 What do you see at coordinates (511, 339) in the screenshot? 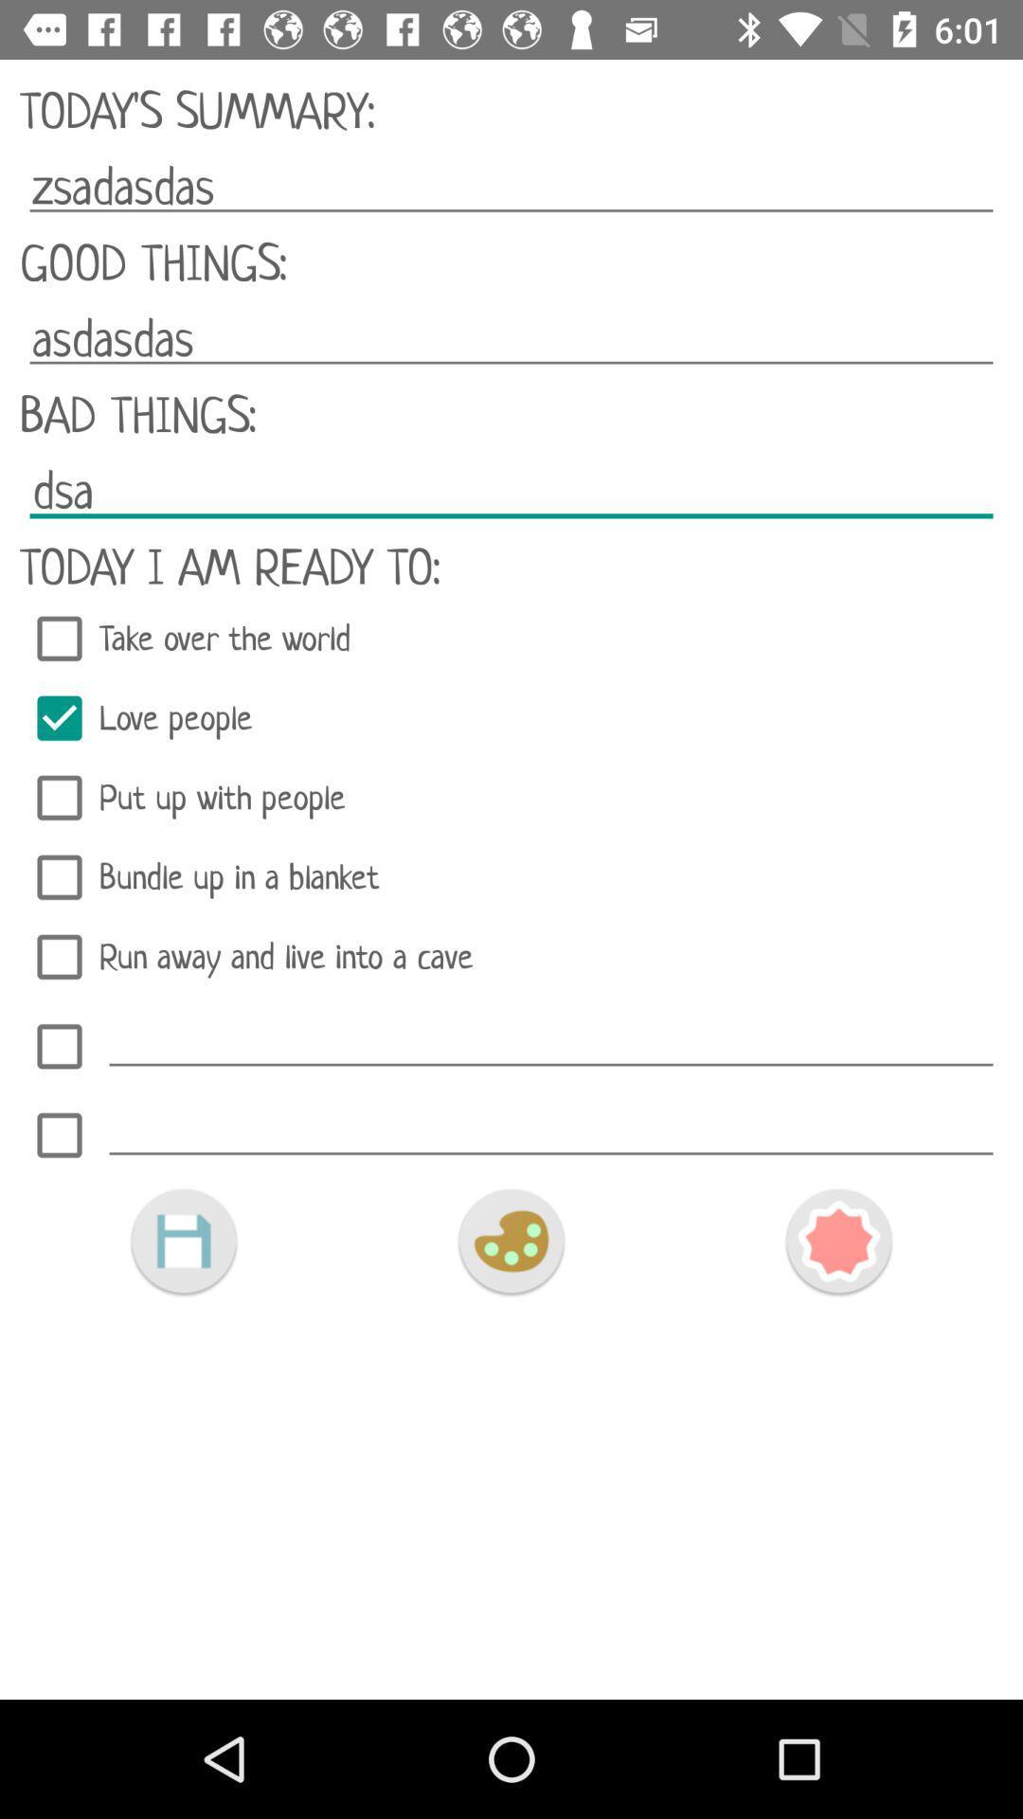
I see `asdasdas item` at bounding box center [511, 339].